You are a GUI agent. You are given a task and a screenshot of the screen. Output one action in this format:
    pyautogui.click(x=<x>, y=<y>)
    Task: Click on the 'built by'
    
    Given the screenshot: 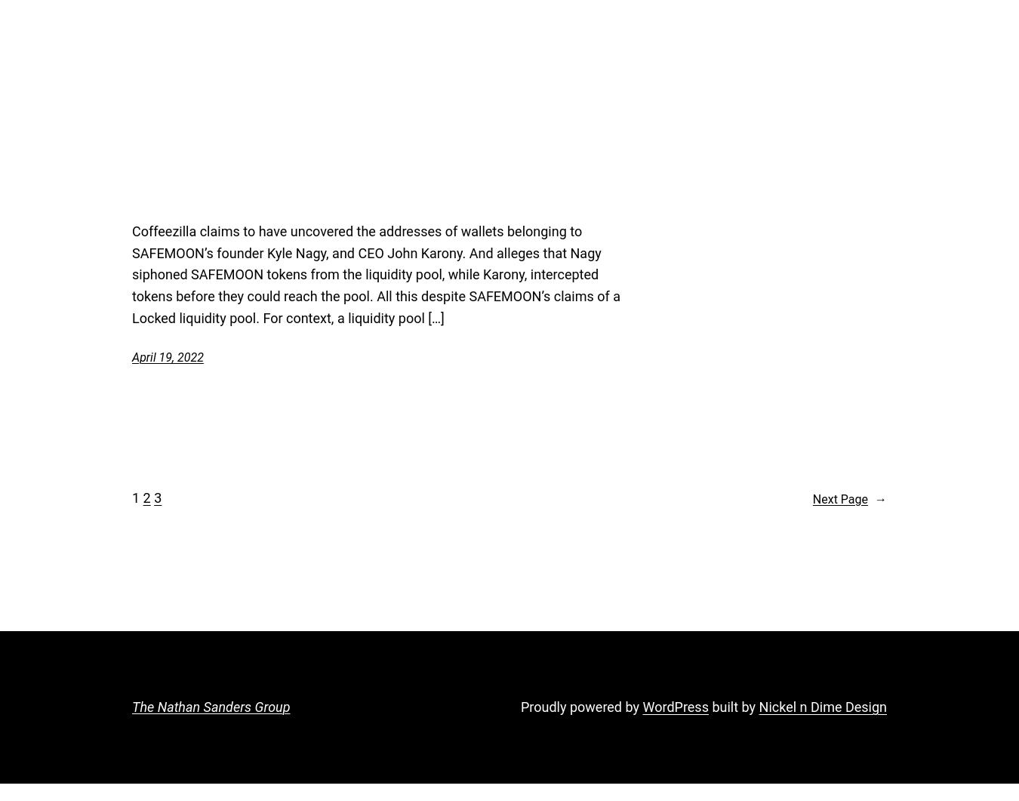 What is the action you would take?
    pyautogui.click(x=707, y=705)
    